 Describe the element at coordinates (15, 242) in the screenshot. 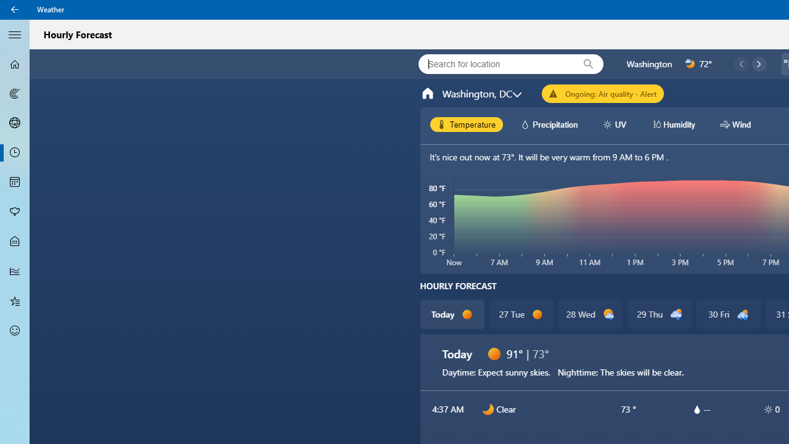

I see `'Life - Not Selected'` at that location.